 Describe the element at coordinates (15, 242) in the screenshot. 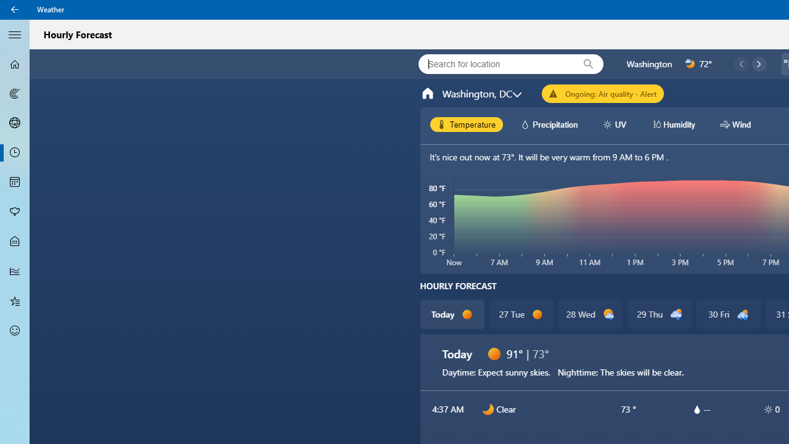

I see `'Life - Not Selected'` at that location.